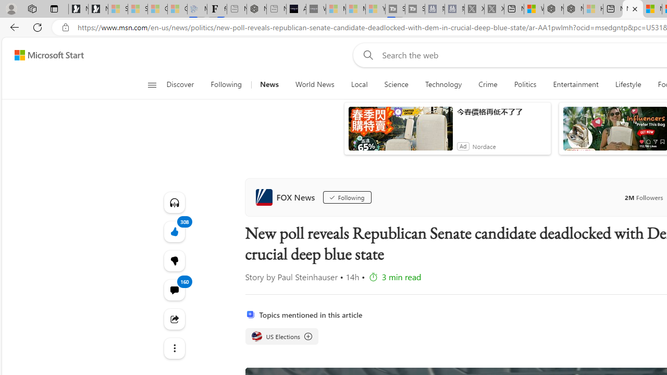 Image resolution: width=667 pixels, height=375 pixels. Describe the element at coordinates (281, 336) in the screenshot. I see `'US Elections US Elections US Elections'` at that location.